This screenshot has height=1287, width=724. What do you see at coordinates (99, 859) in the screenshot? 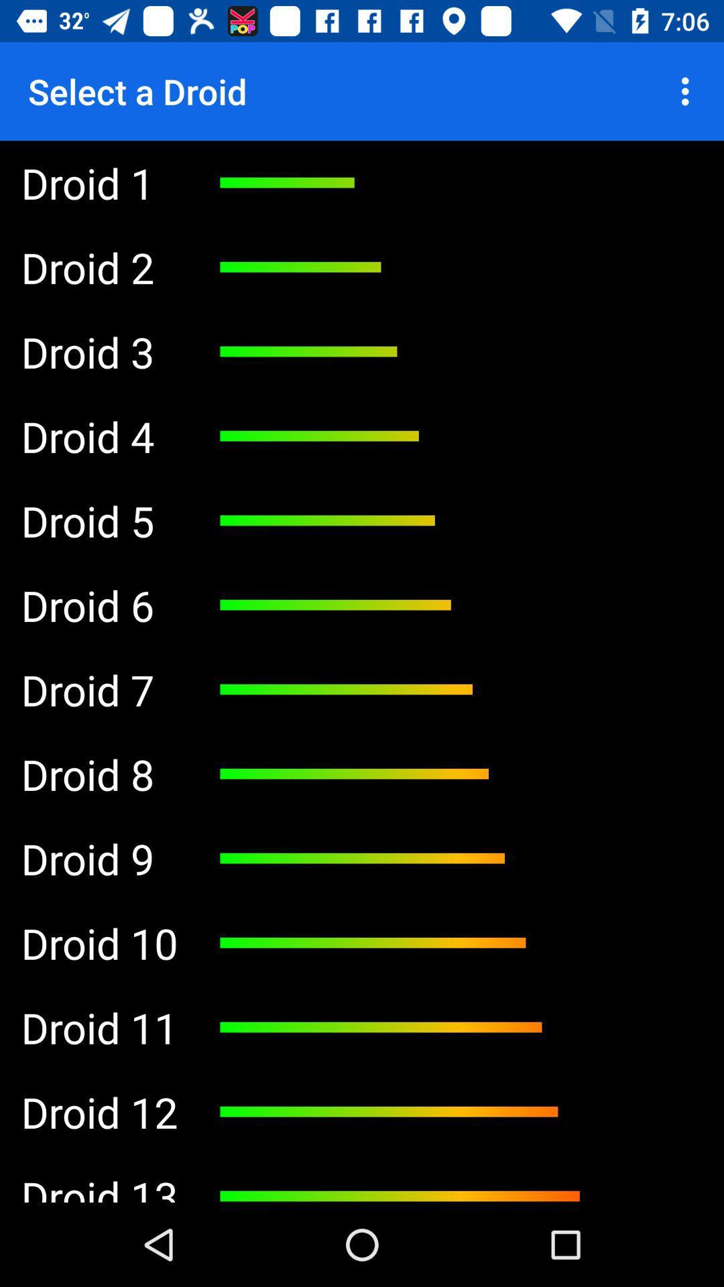
I see `the droid 9 app` at bounding box center [99, 859].